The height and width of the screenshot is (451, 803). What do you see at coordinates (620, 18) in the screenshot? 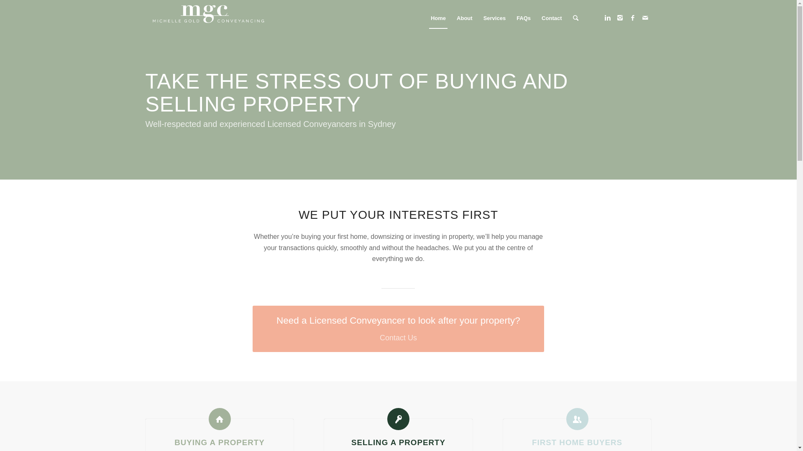
I see `'Instagram'` at bounding box center [620, 18].